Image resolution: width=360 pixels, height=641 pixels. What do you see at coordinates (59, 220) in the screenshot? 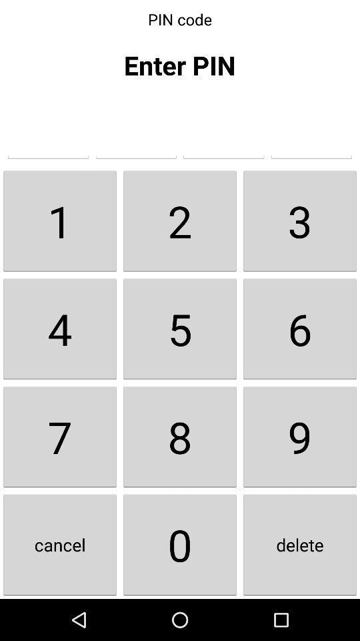
I see `the button next to the 2 item` at bounding box center [59, 220].